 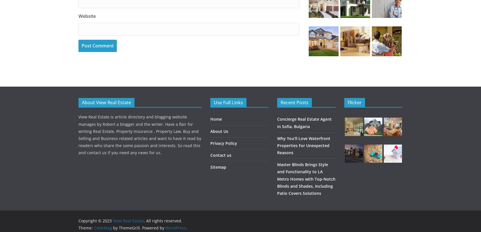 What do you see at coordinates (87, 16) in the screenshot?
I see `'Website'` at bounding box center [87, 16].